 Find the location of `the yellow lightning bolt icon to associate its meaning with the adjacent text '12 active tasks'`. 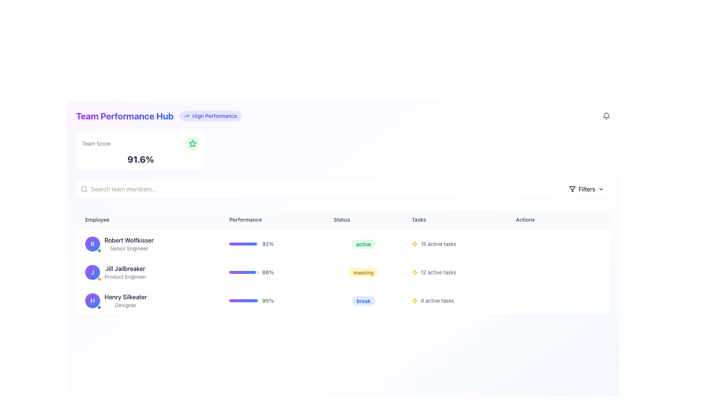

the yellow lightning bolt icon to associate its meaning with the adjacent text '12 active tasks' is located at coordinates (414, 272).